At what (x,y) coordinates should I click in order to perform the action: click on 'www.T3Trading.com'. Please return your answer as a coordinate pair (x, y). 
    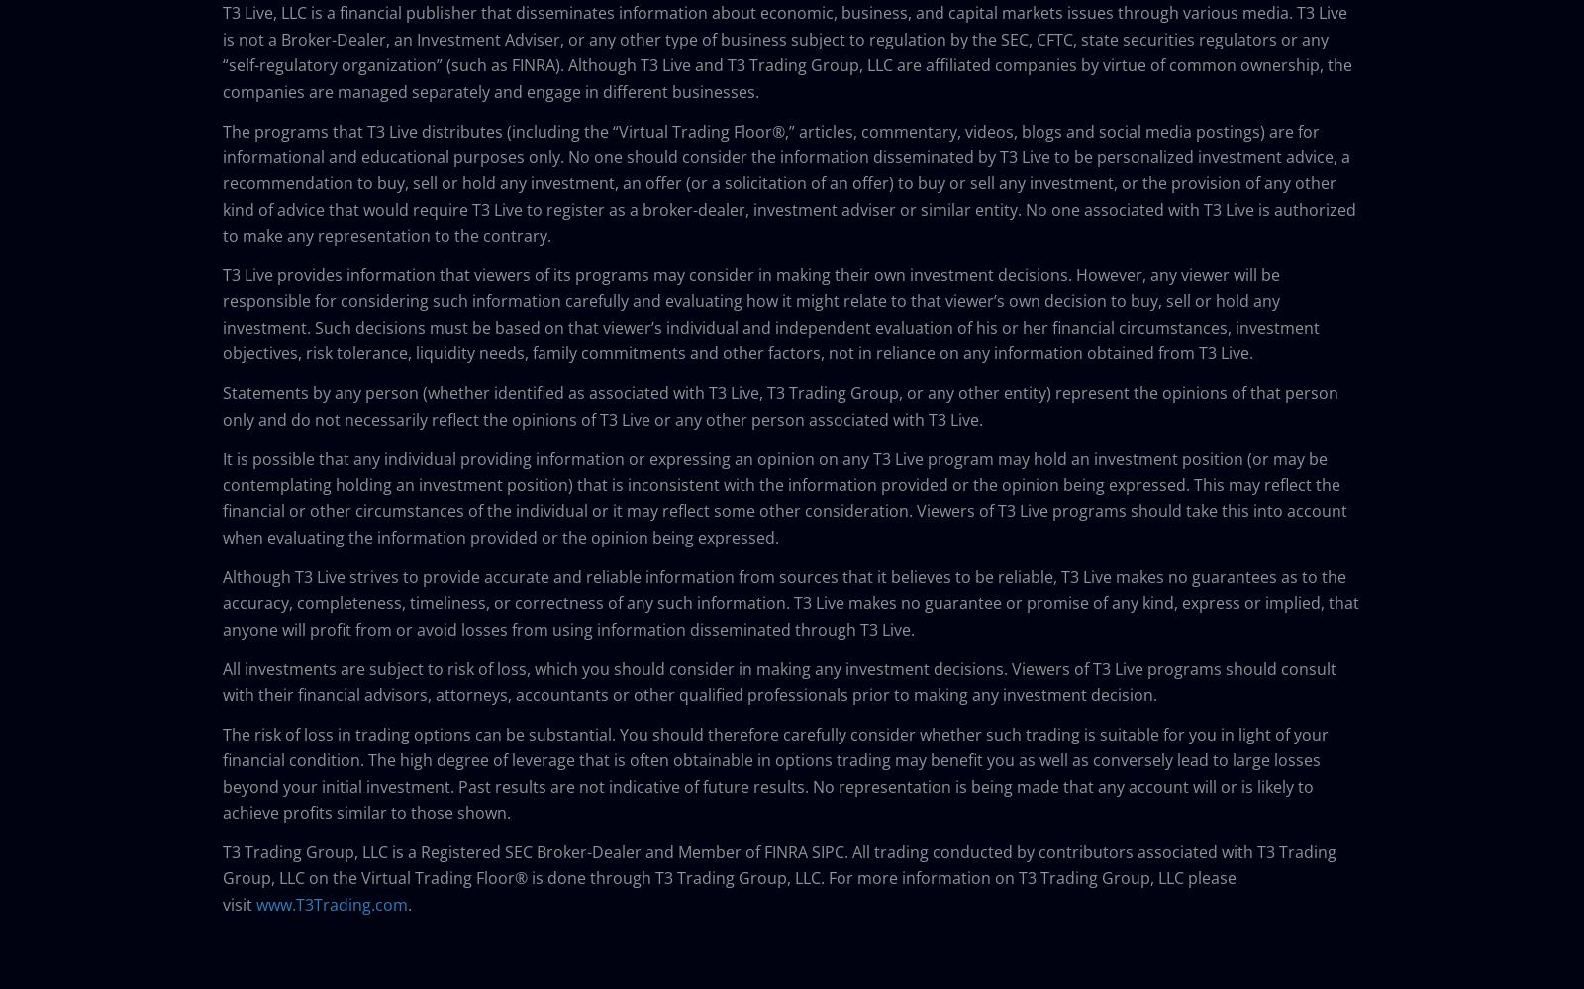
    Looking at the image, I should click on (332, 903).